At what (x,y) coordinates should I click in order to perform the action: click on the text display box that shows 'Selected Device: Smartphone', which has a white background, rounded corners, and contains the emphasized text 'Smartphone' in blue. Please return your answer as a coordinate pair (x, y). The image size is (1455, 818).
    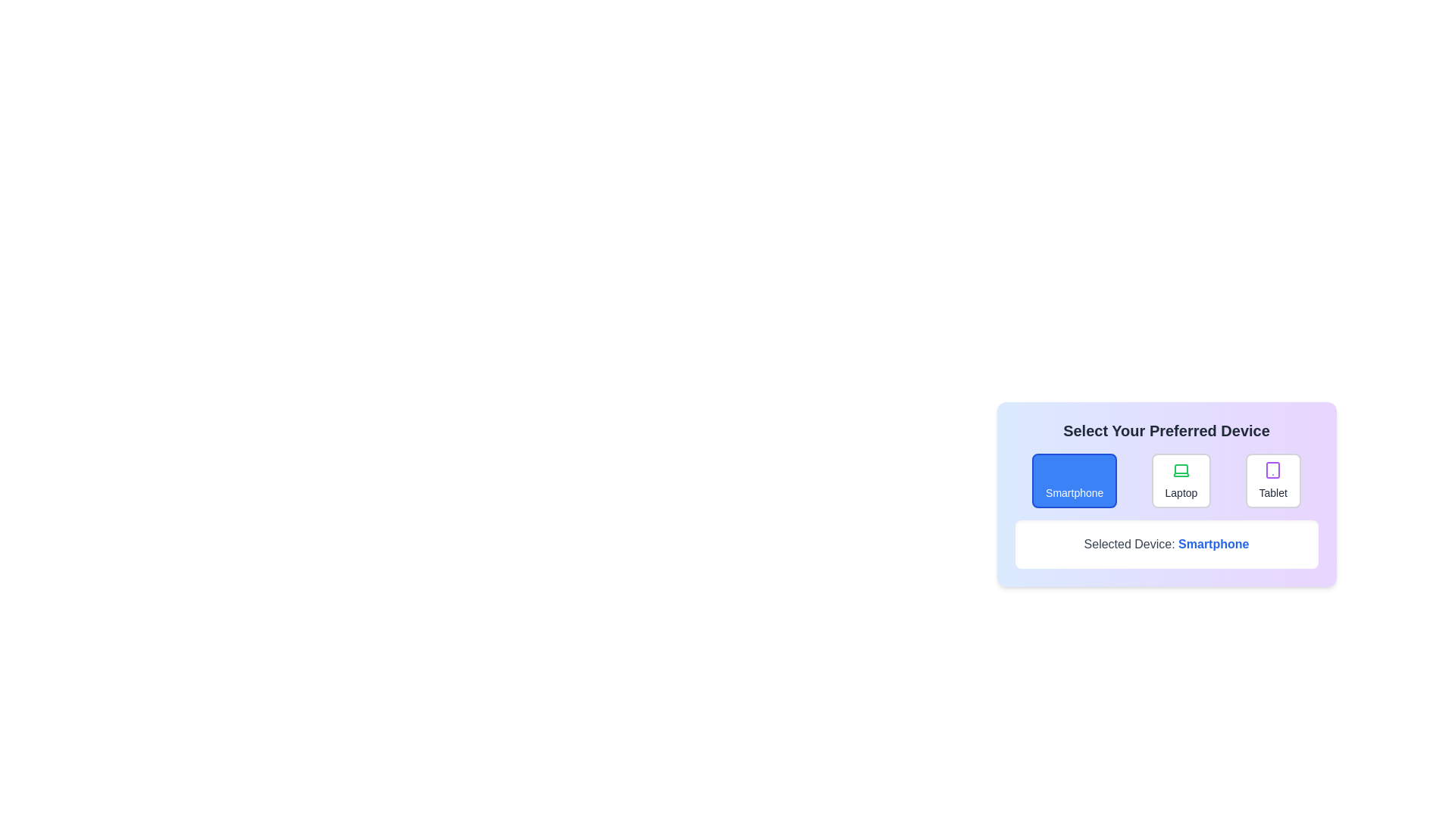
    Looking at the image, I should click on (1166, 543).